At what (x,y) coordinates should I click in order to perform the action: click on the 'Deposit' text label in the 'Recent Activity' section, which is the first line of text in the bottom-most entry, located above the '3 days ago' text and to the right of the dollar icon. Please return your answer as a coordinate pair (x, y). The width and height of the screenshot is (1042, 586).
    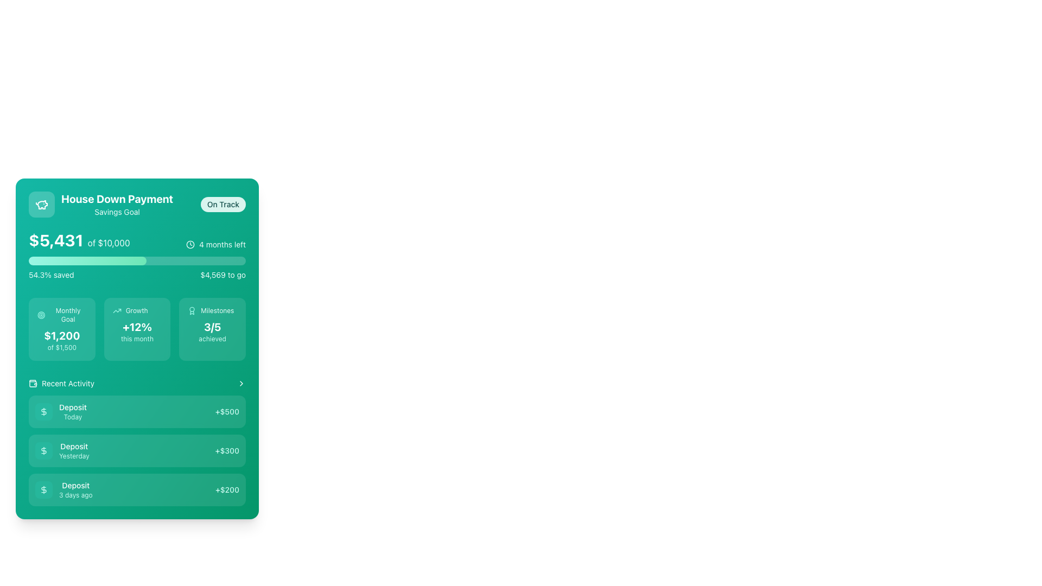
    Looking at the image, I should click on (75, 485).